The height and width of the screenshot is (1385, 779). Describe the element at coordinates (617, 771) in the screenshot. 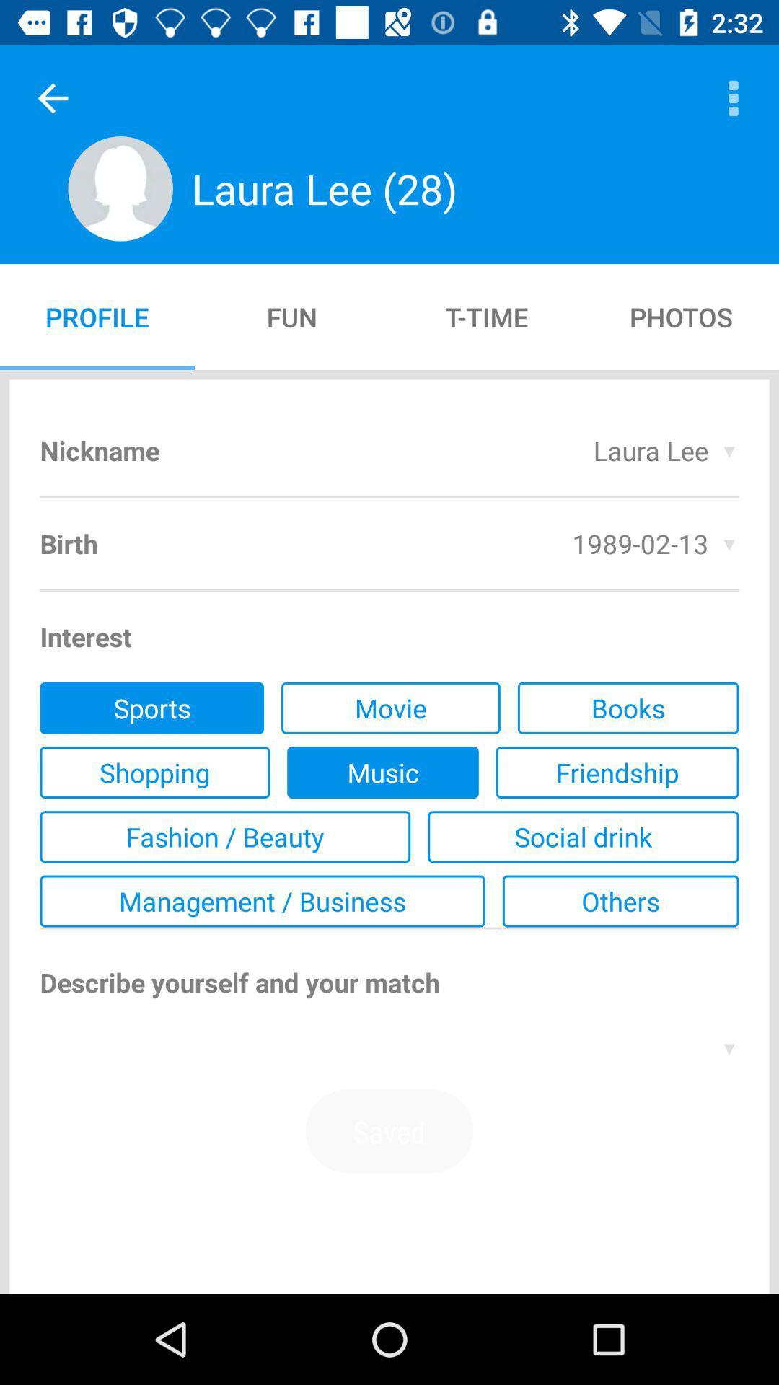

I see `the item above social drink` at that location.